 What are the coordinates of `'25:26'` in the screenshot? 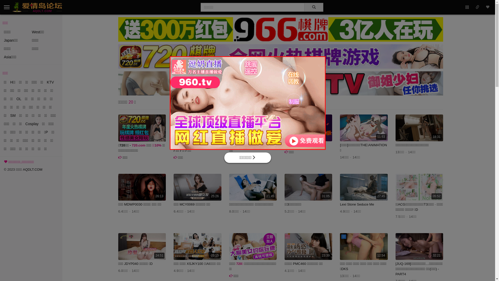 It's located at (173, 187).